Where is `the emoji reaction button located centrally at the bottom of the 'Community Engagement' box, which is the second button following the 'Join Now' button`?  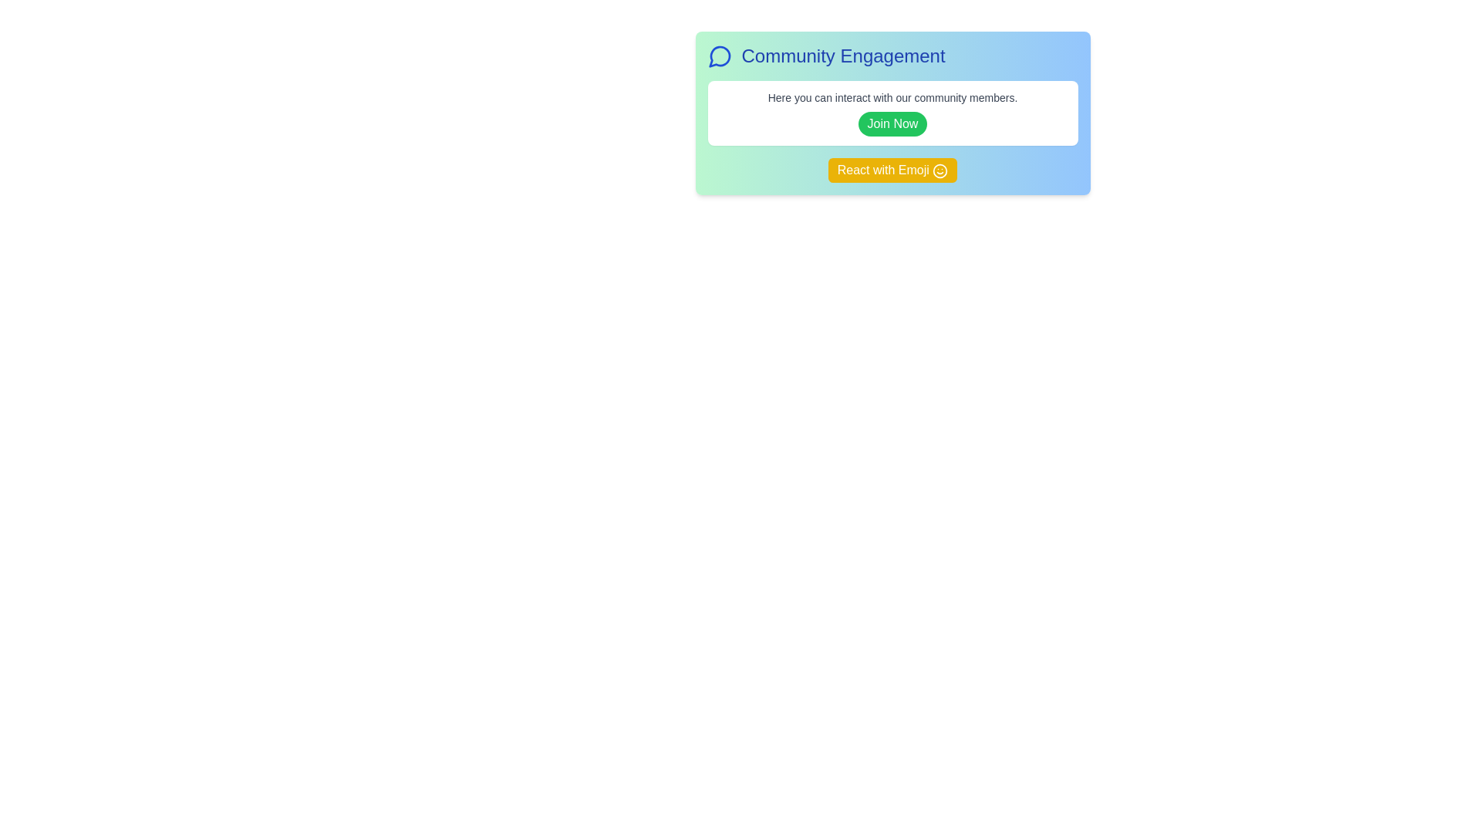 the emoji reaction button located centrally at the bottom of the 'Community Engagement' box, which is the second button following the 'Join Now' button is located at coordinates (892, 170).